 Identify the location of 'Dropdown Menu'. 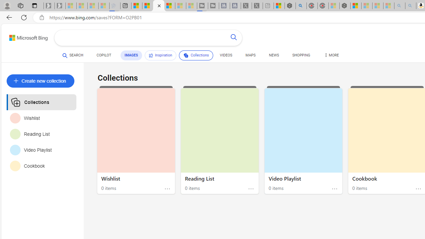
(331, 55).